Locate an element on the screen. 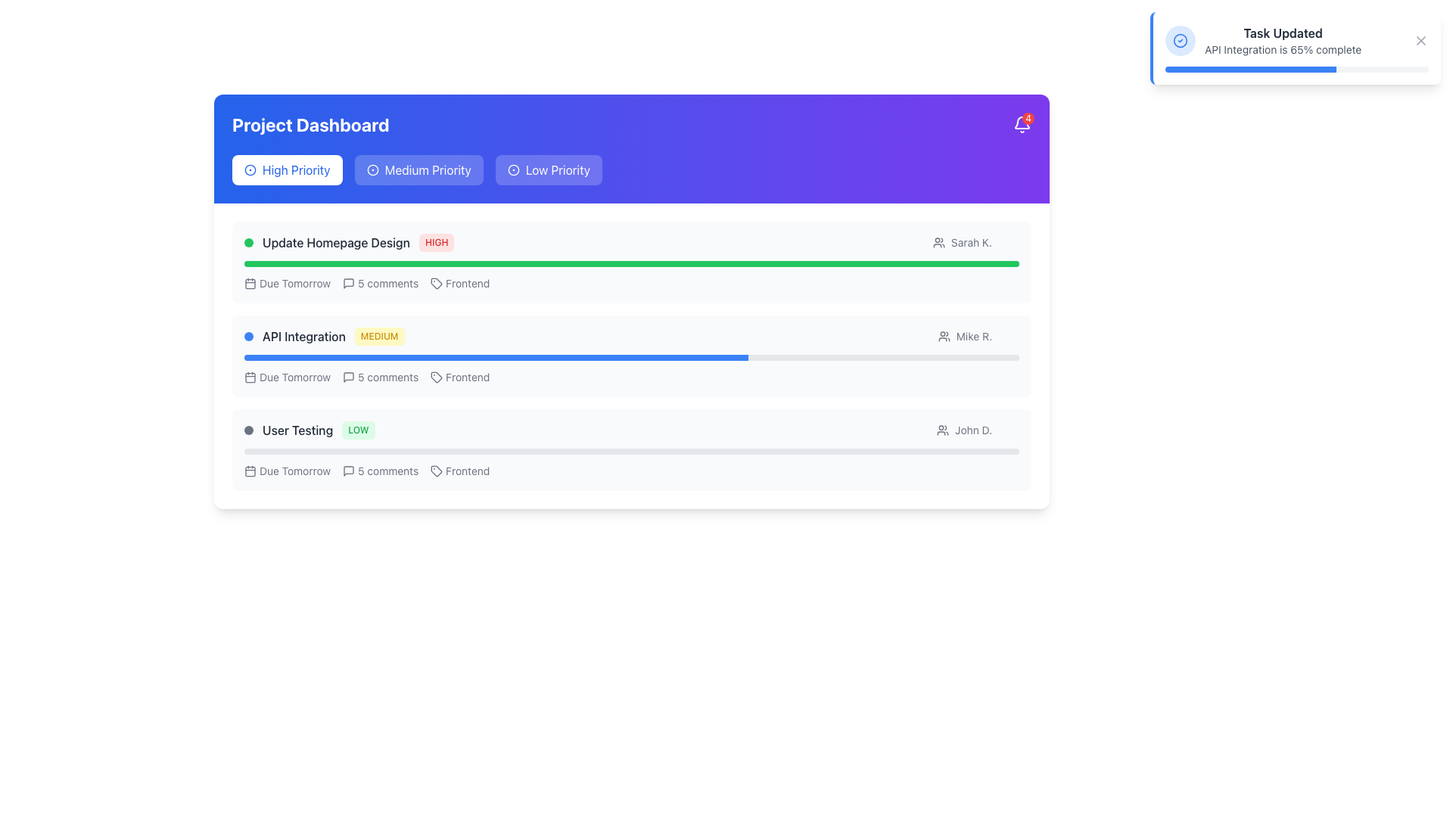 This screenshot has width=1453, height=817. the small tag icon with rounded corners located next to the 'Frontend' text in the 'Update Homepage Design' task row is located at coordinates (436, 283).